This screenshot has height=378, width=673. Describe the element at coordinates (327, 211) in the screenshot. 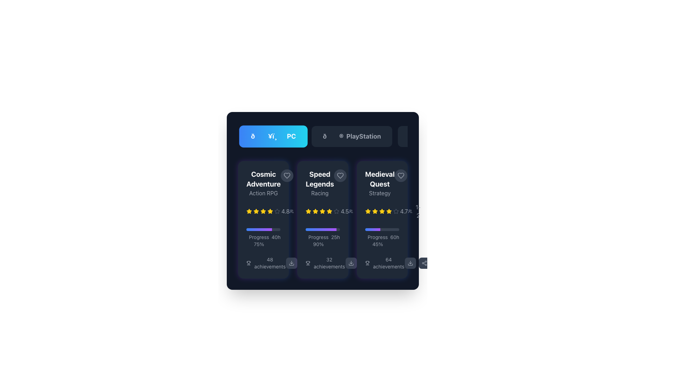

I see `the Rating Display with Text, which visually represents the user rating score for the item, located centrally at the top of the middle card in a three-column layout` at that location.